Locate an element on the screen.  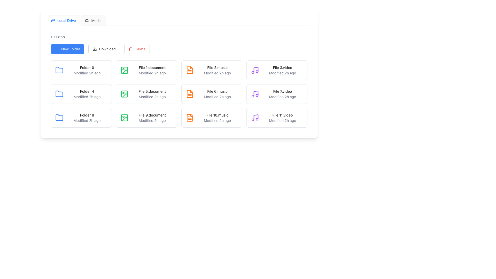
the clickable text link labeled 'Desktop' to observe the hover effect, which is located near the top-left corner of the interface, aligned with 'Local Drive' is located at coordinates (58, 36).